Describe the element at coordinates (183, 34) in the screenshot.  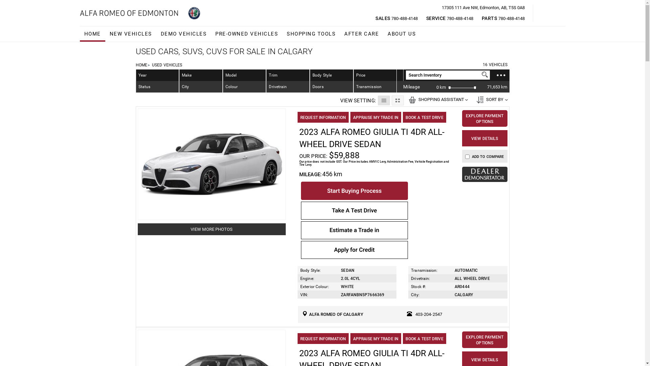
I see `'DEMO VEHICLES'` at that location.